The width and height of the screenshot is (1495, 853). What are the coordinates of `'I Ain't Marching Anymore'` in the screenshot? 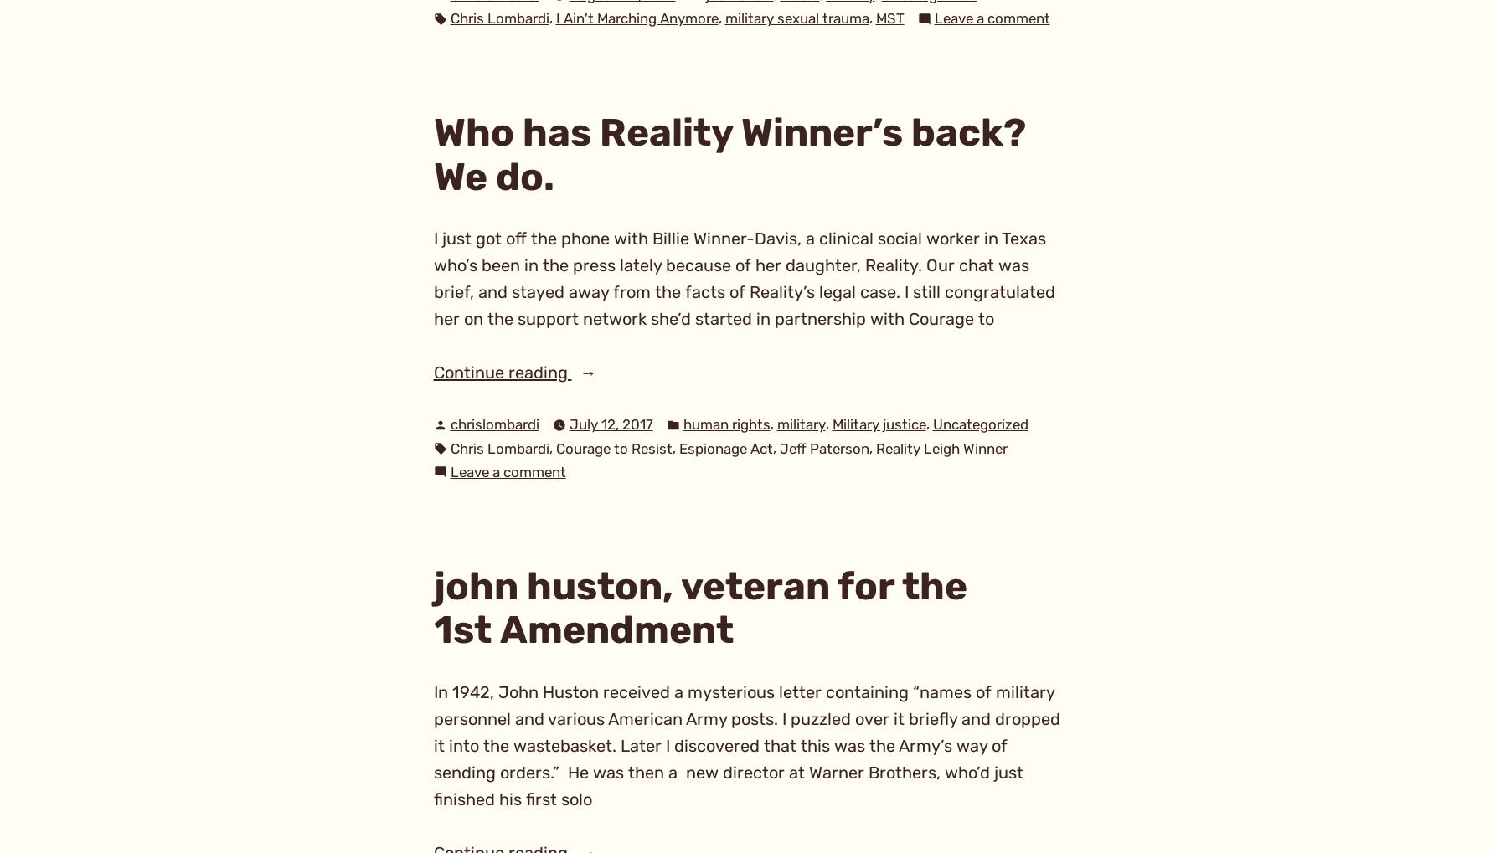 It's located at (554, 18).